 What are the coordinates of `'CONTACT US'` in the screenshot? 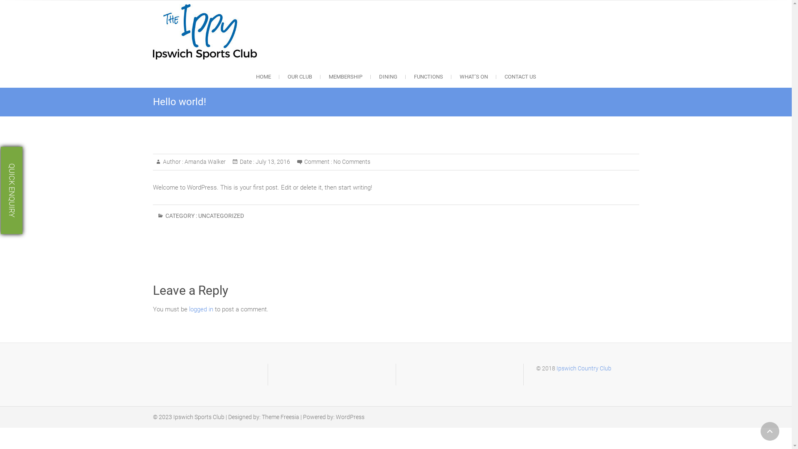 It's located at (520, 77).